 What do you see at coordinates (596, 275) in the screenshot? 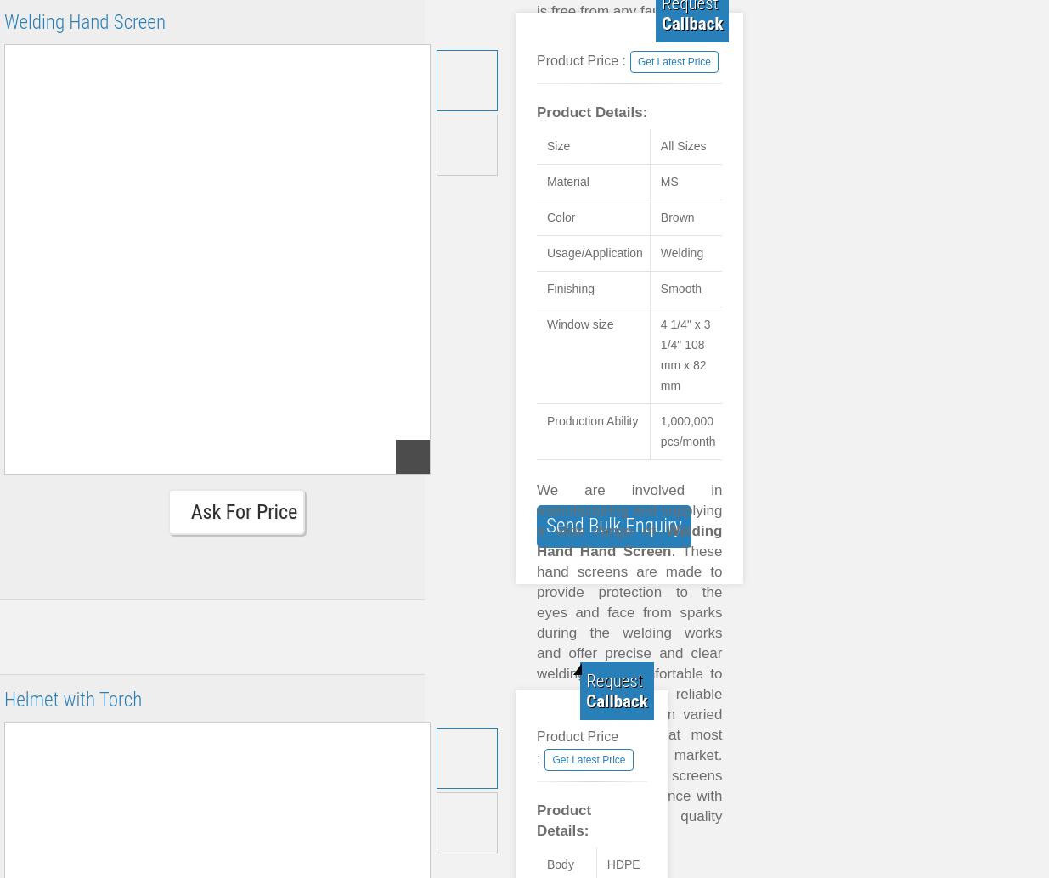
I see `'Technology'` at bounding box center [596, 275].